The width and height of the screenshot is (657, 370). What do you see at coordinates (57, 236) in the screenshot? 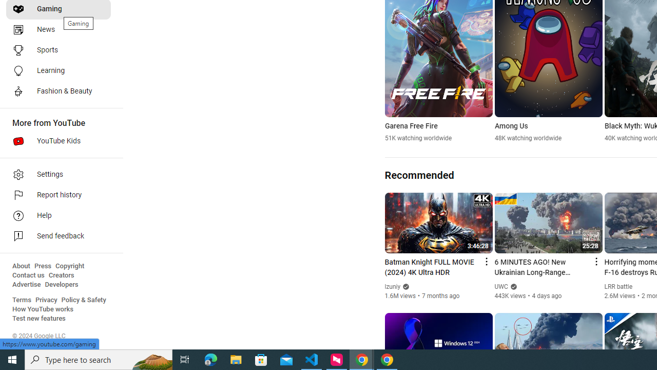
I see `'Send feedback'` at bounding box center [57, 236].